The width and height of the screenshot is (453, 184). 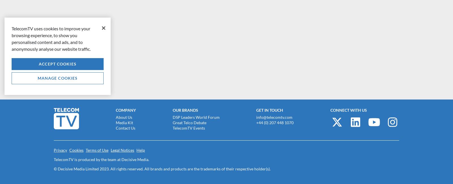 I want to click on 'Our Brands', so click(x=185, y=110).